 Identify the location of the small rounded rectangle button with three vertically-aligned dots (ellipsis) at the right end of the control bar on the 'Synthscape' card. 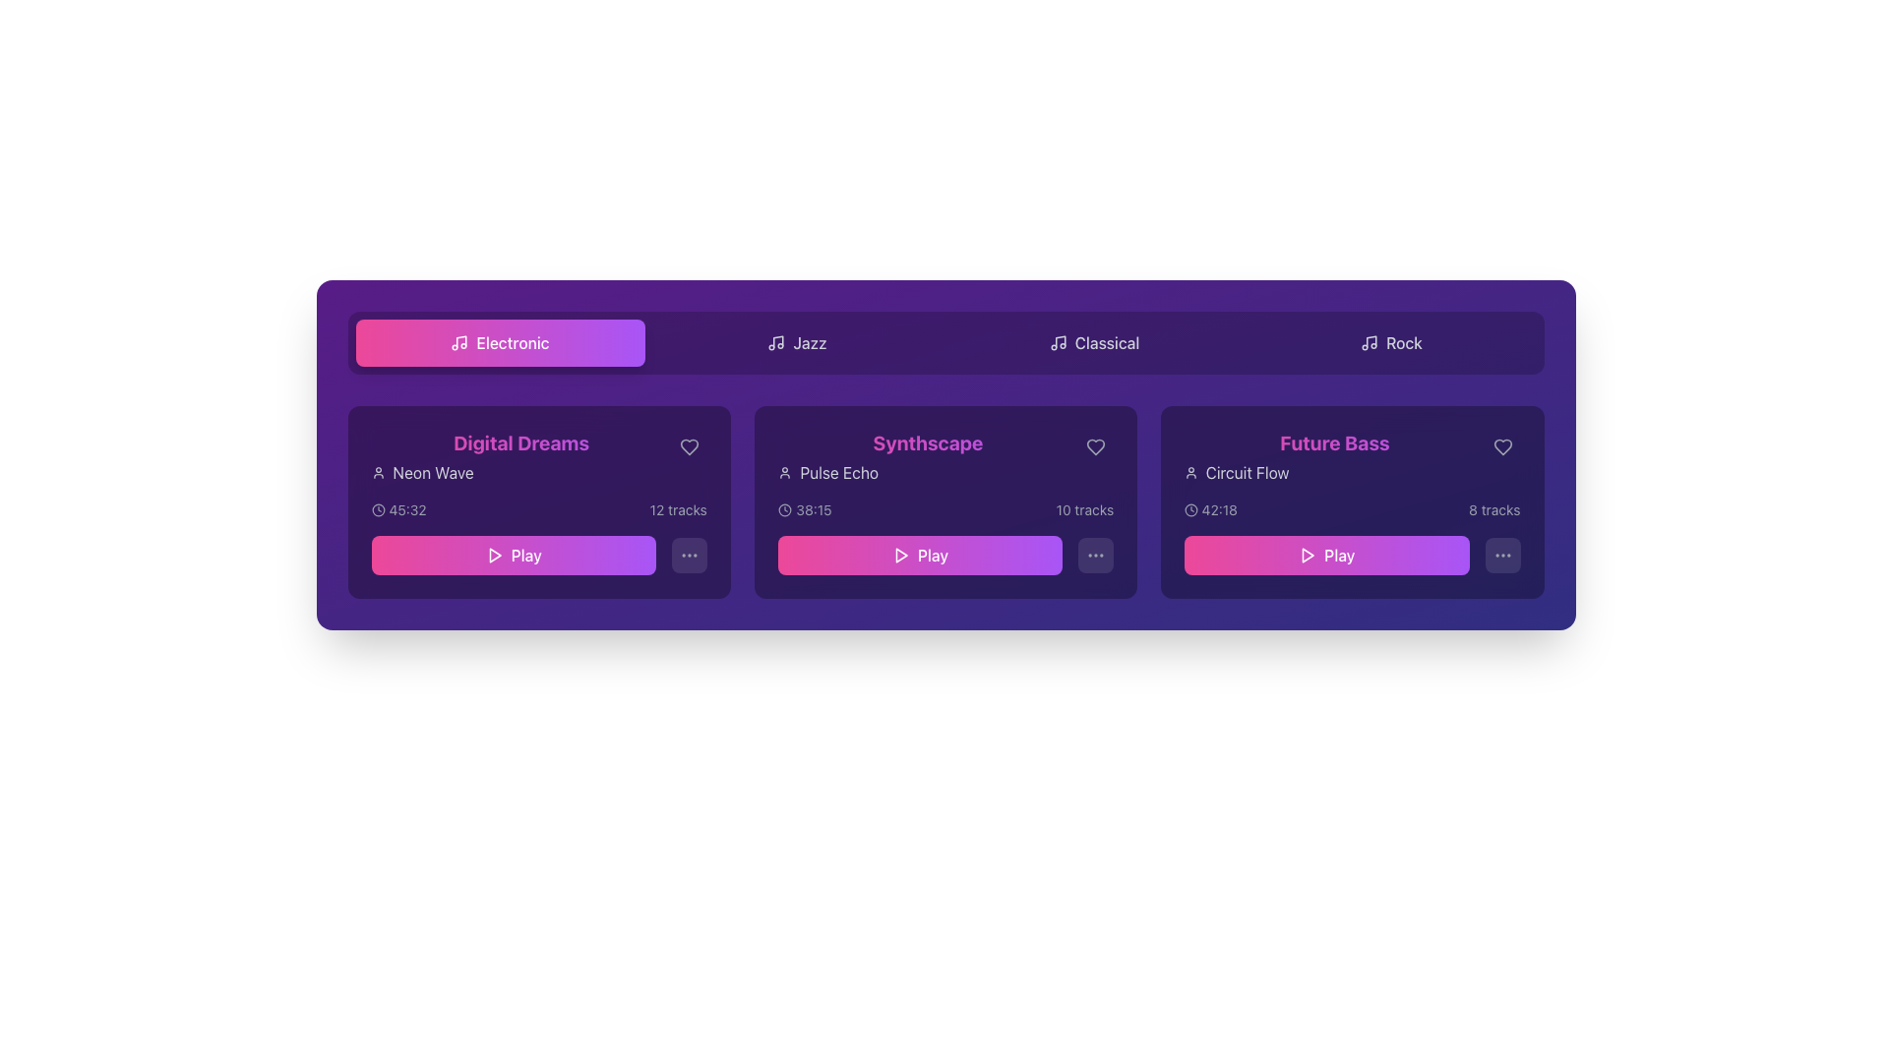
(1095, 555).